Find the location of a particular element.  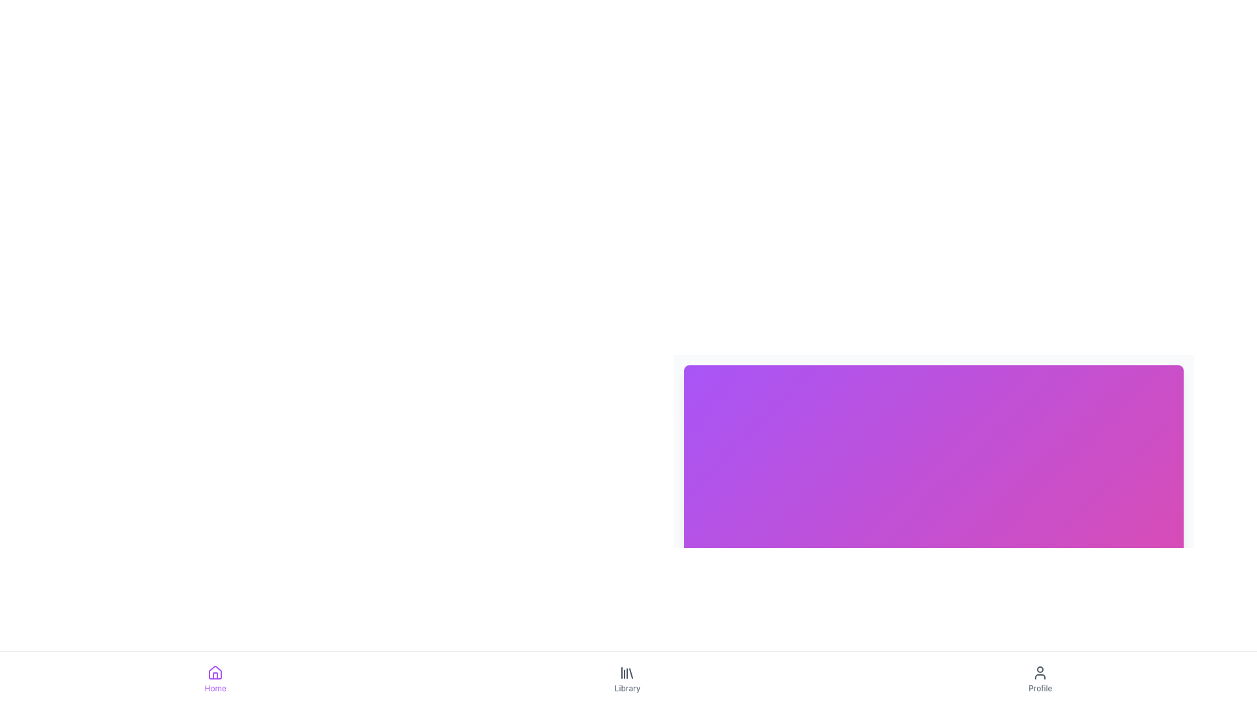

the 'Library' navigation tab, which is located in the bottom navigation bar and features an icon of a stack of books above the text 'Library' is located at coordinates (628, 678).